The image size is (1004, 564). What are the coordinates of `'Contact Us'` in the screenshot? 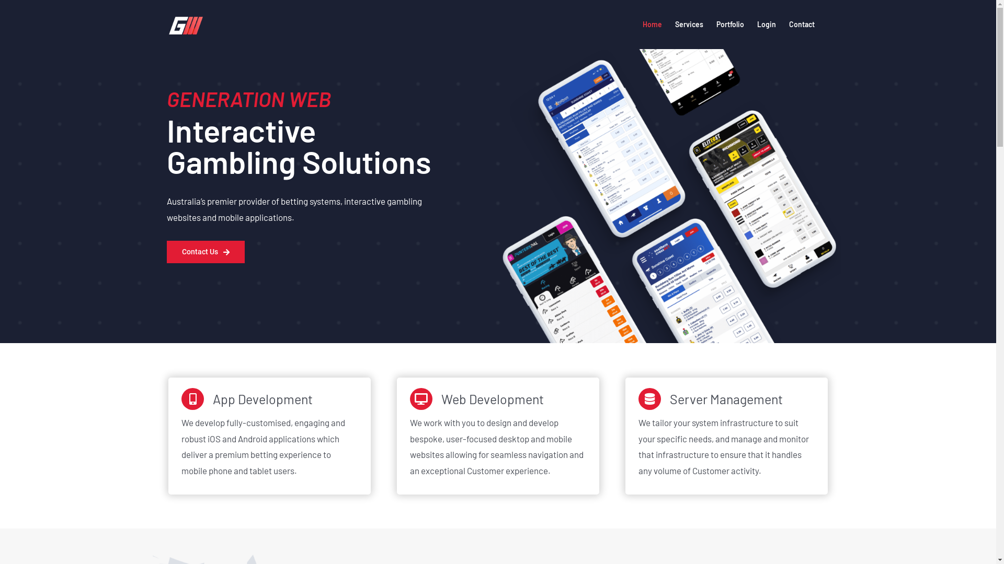 It's located at (206, 252).